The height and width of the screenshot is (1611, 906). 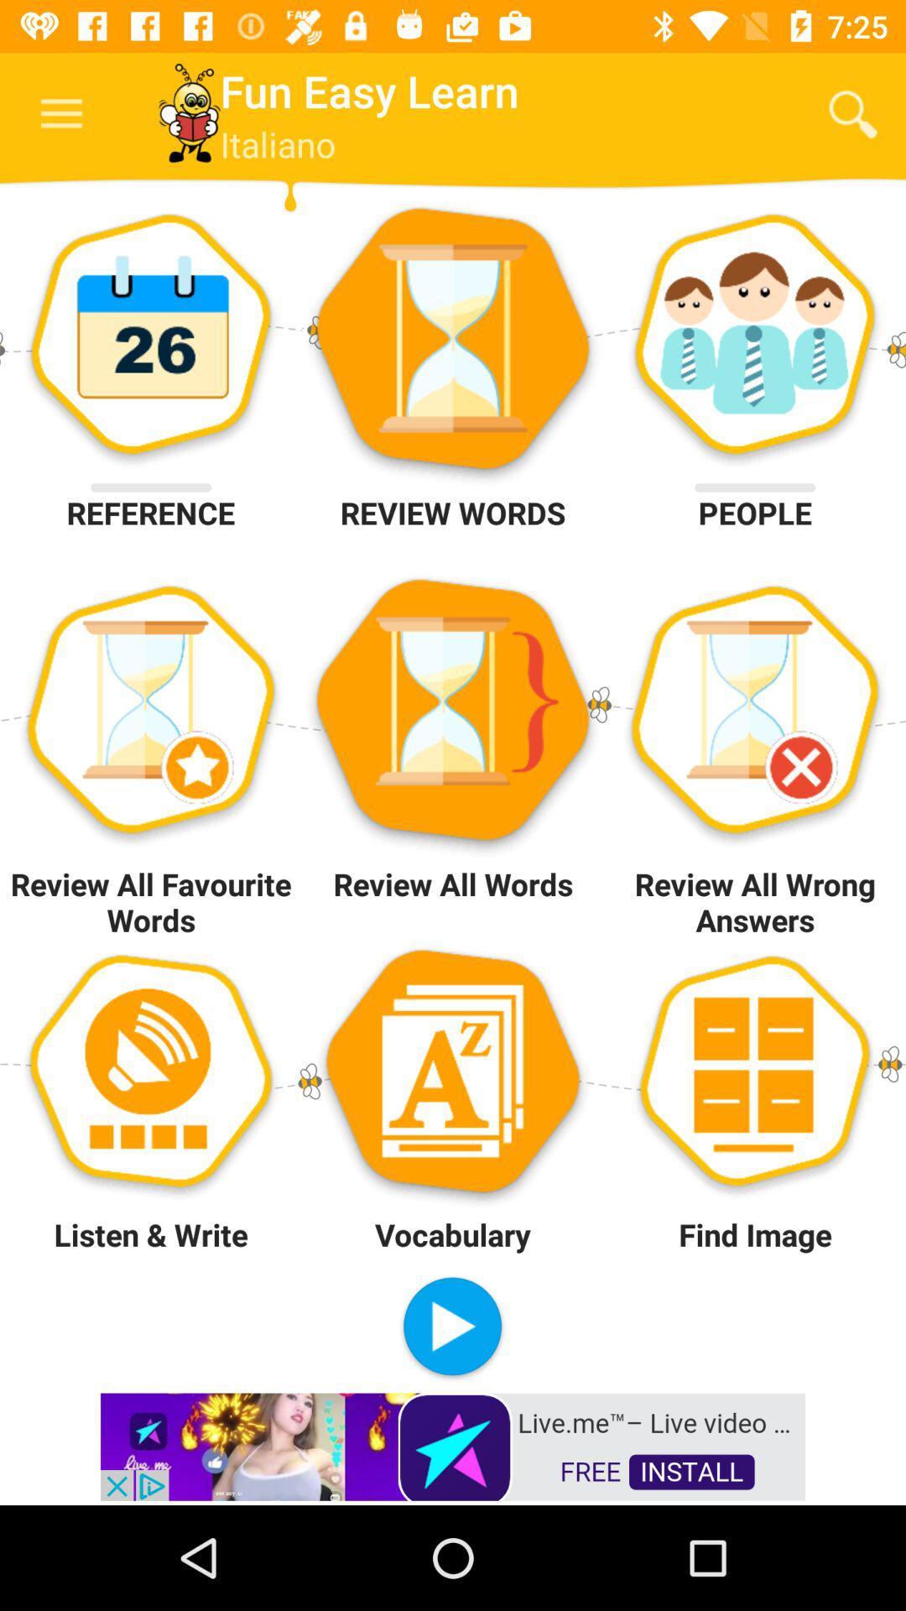 What do you see at coordinates (451, 1327) in the screenshot?
I see `the play icon` at bounding box center [451, 1327].